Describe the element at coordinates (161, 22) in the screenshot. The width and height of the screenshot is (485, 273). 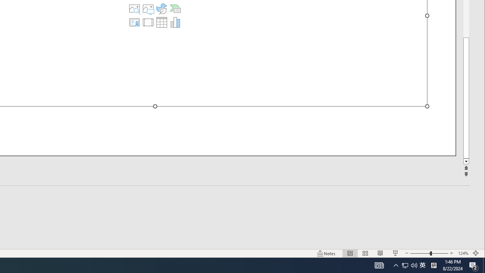
I see `'Insert Table'` at that location.